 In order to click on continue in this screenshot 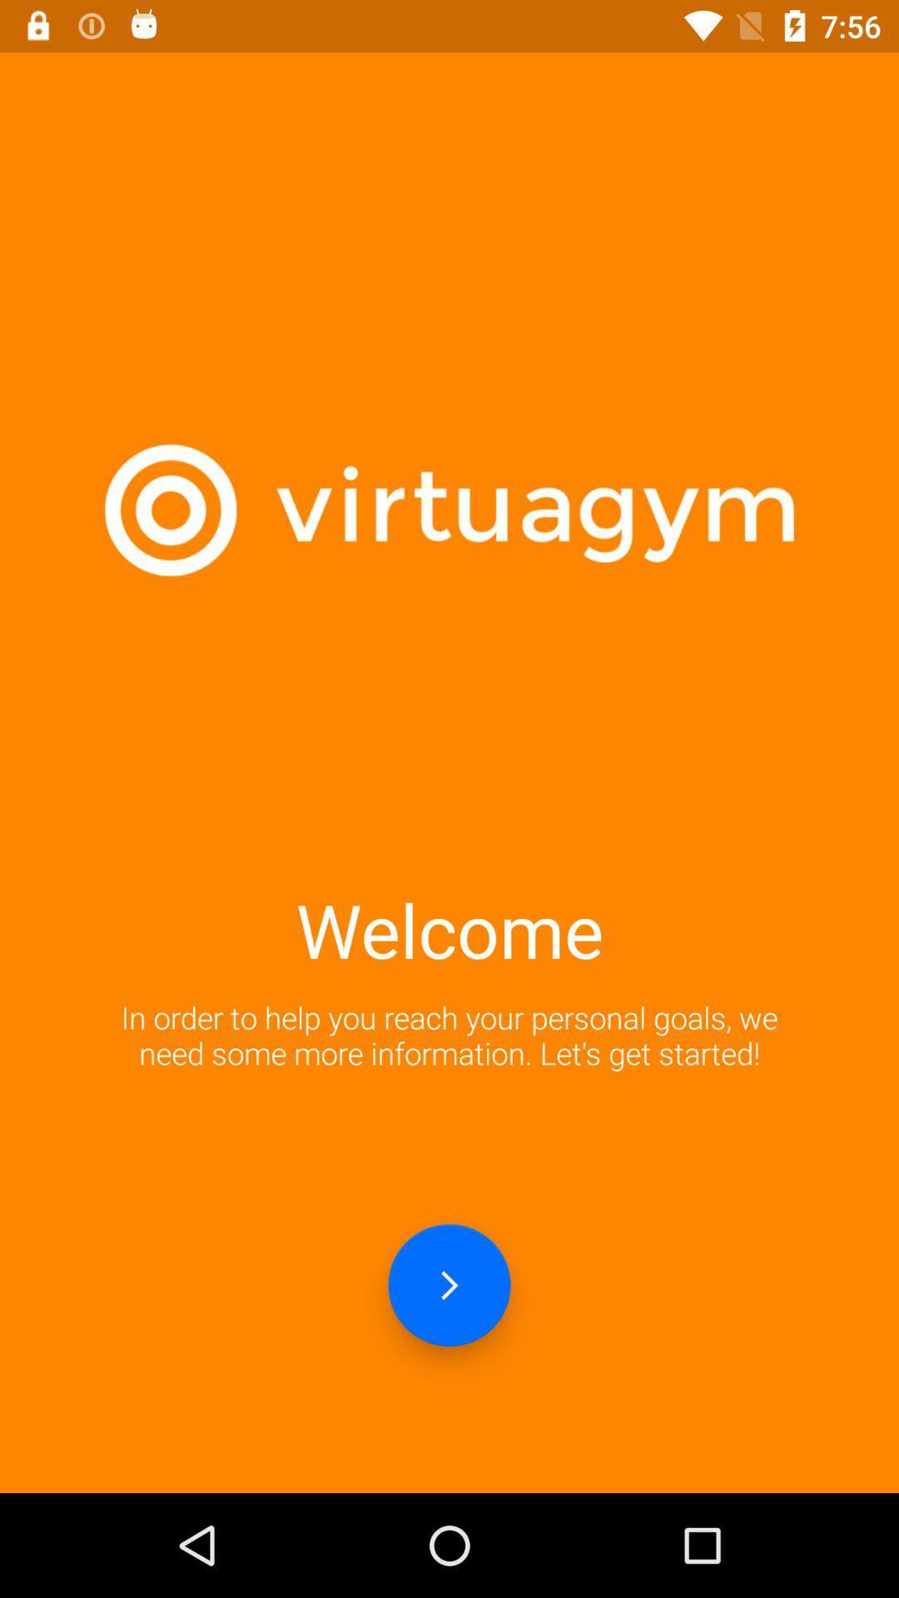, I will do `click(449, 1284)`.